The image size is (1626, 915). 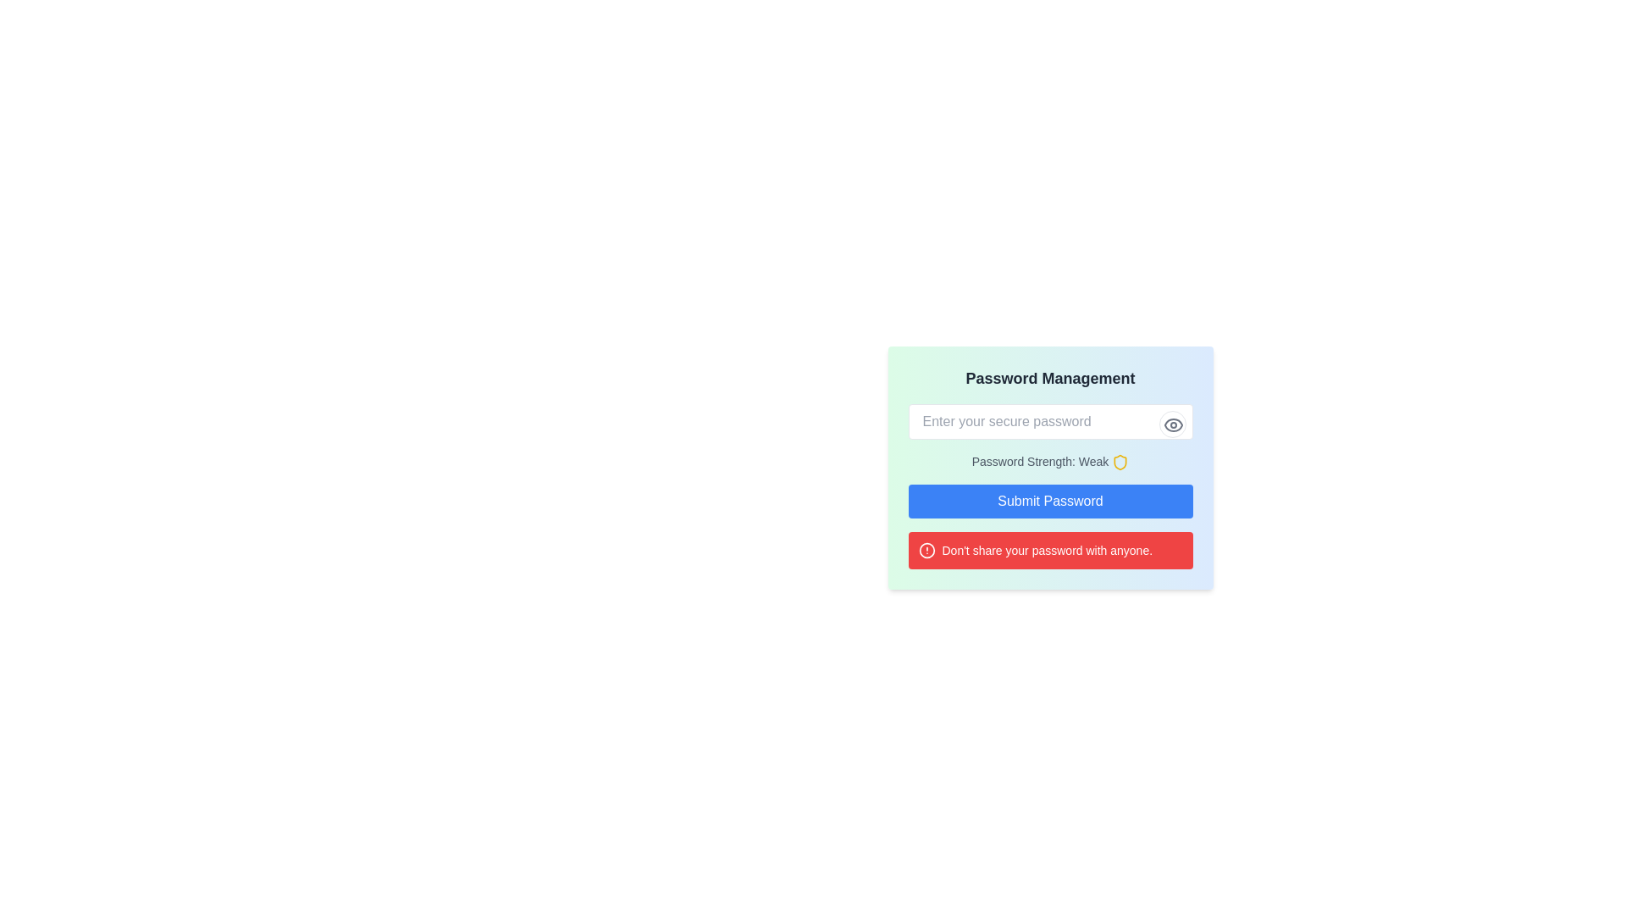 I want to click on the eye-shaped icon located in the top-right corner of the password input field, so click(x=1172, y=424).